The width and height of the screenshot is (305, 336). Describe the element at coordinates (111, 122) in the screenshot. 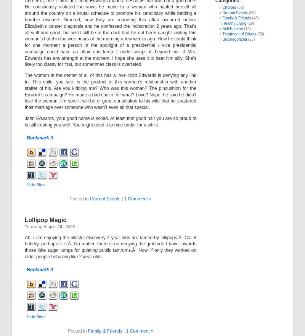

I see `'John Edwards, your good name is soiled.  At least that good hair you are so proud of is still treating you well.  You might need it to hide under for a while.'` at that location.